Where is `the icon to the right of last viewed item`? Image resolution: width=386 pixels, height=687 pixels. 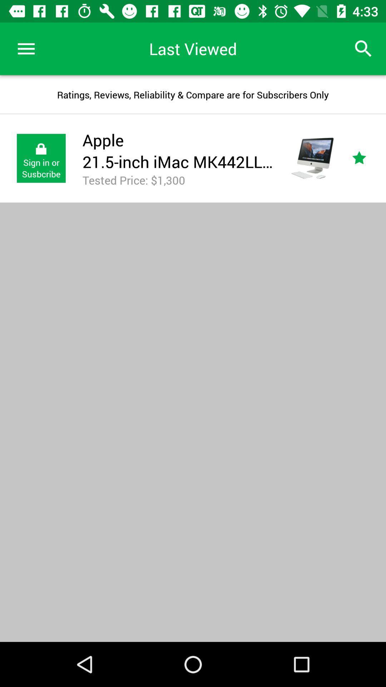
the icon to the right of last viewed item is located at coordinates (363, 48).